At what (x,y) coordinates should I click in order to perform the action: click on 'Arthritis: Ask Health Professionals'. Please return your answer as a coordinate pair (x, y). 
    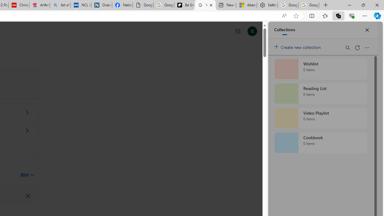
    Looking at the image, I should click on (39, 5).